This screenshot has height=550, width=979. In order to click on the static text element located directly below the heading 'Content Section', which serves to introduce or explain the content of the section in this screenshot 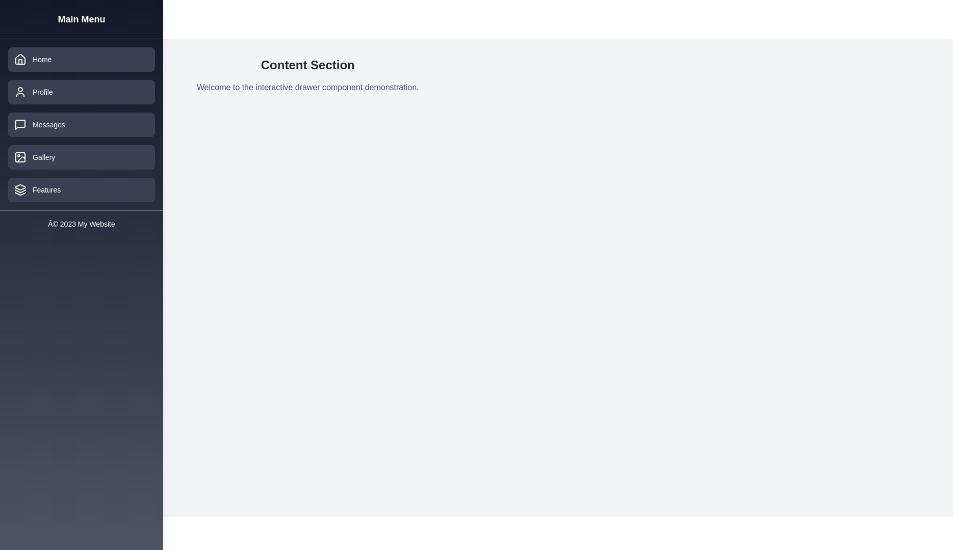, I will do `click(307, 87)`.